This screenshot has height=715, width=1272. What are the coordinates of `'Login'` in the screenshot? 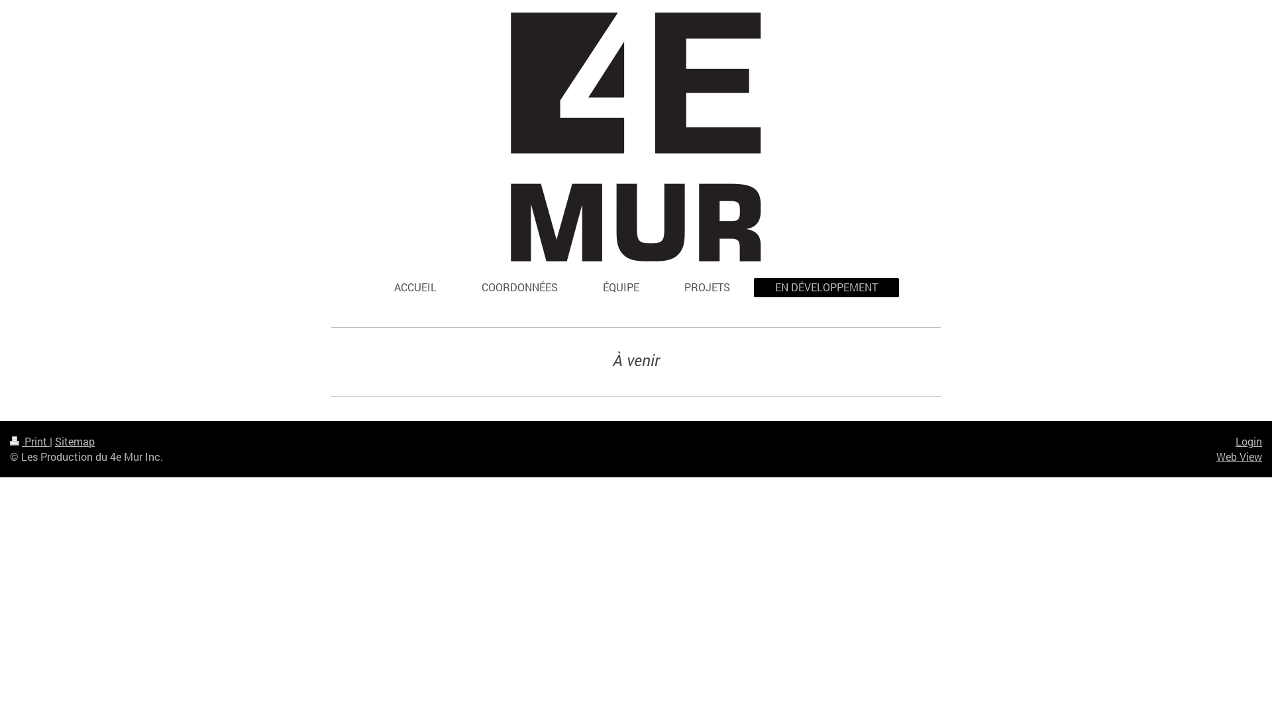 It's located at (1248, 441).